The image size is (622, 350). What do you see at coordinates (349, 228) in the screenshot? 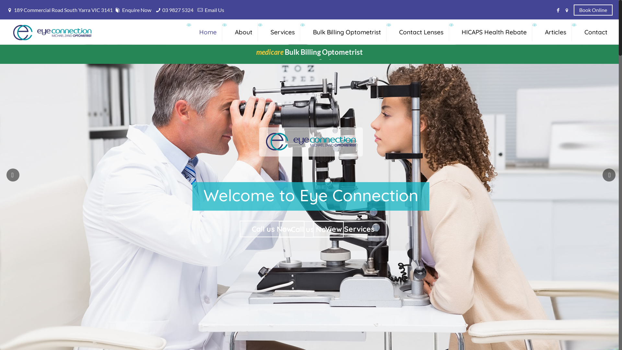
I see `'View Services'` at bounding box center [349, 228].